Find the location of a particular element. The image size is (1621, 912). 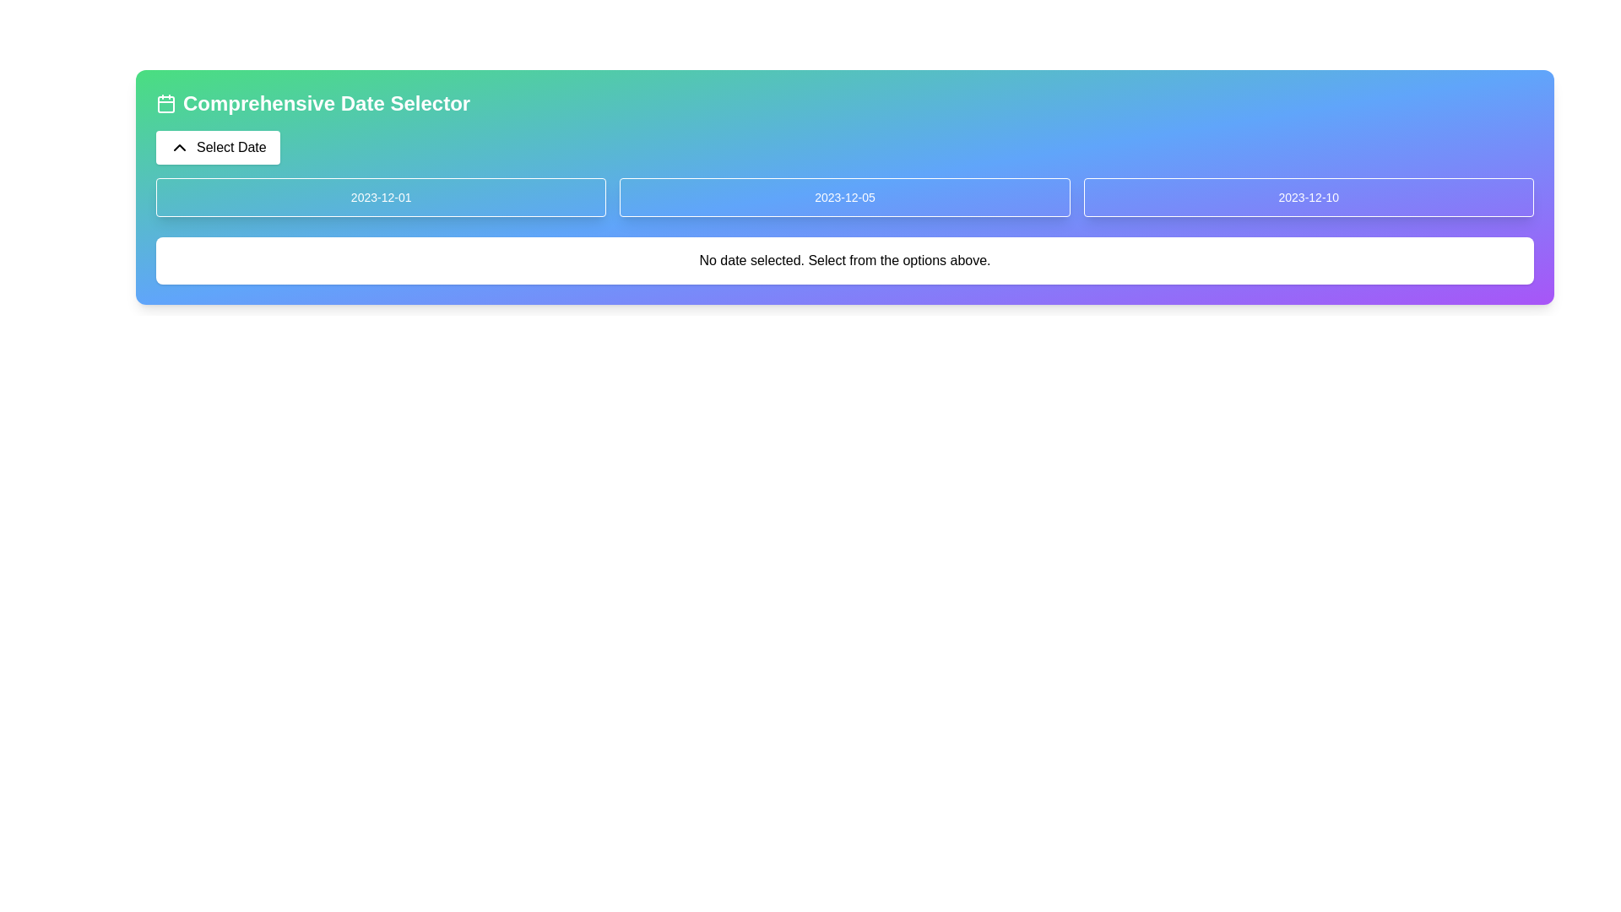

the 'Select Date' button, which is a rectangular button with white background and black text, located is located at coordinates (217, 146).